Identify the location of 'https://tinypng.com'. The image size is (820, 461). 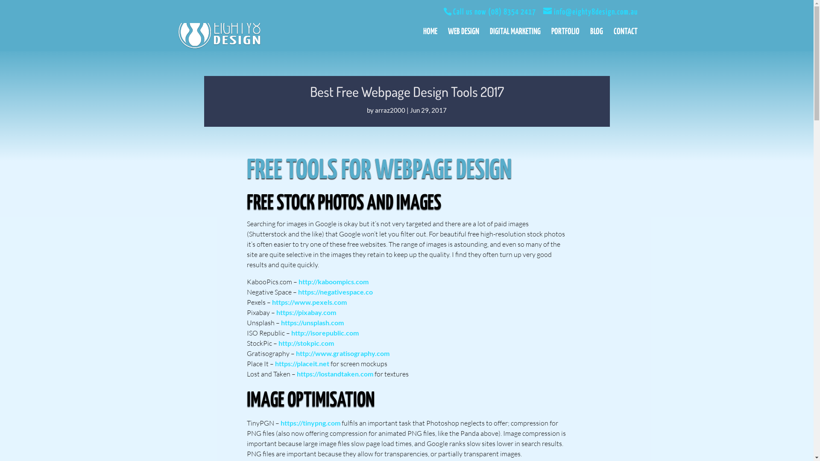
(309, 423).